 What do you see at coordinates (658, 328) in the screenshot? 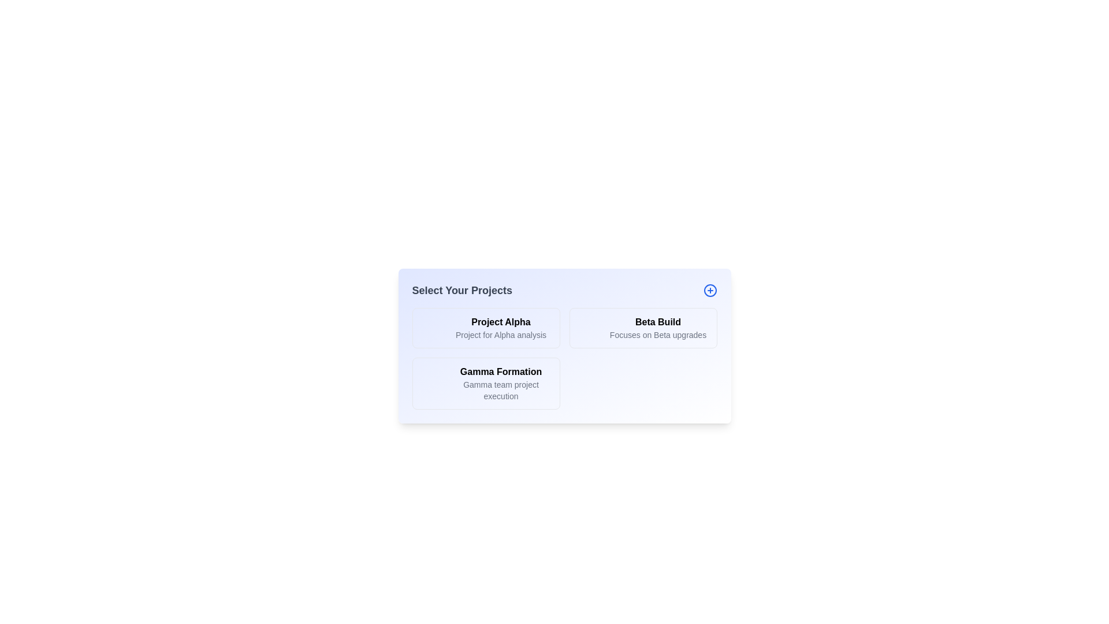
I see `the 'Beta Build' text block element` at bounding box center [658, 328].